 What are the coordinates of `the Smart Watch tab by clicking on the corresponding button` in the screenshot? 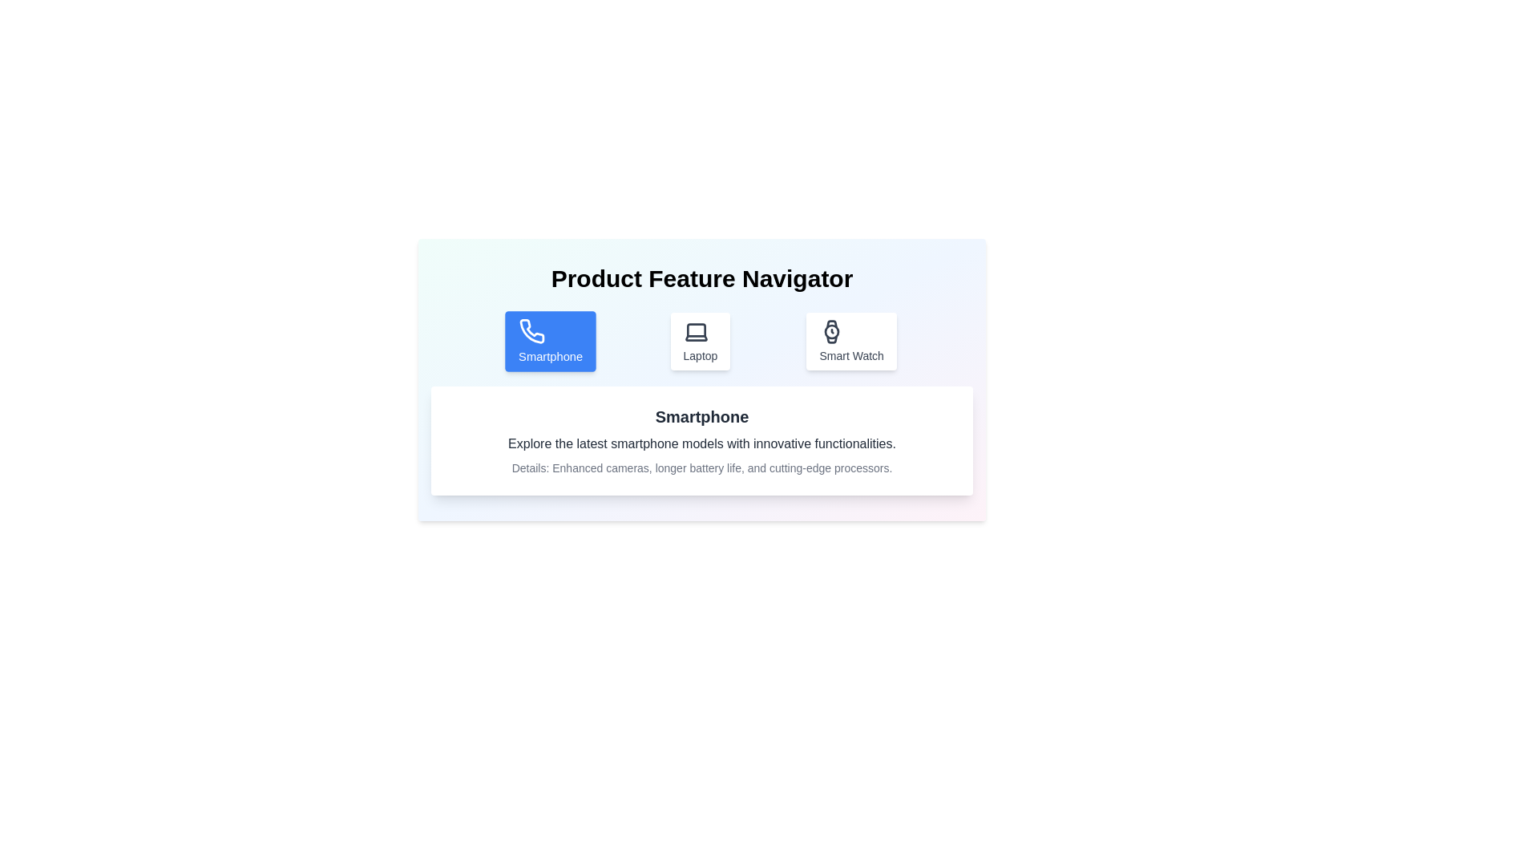 It's located at (850, 340).